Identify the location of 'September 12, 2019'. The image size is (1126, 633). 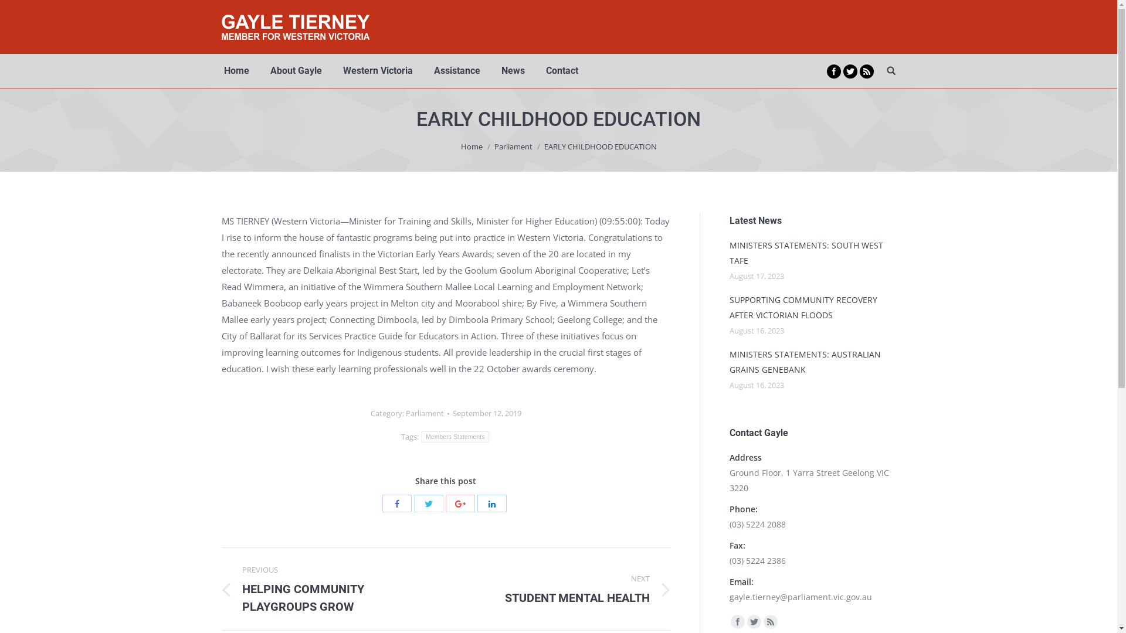
(487, 413).